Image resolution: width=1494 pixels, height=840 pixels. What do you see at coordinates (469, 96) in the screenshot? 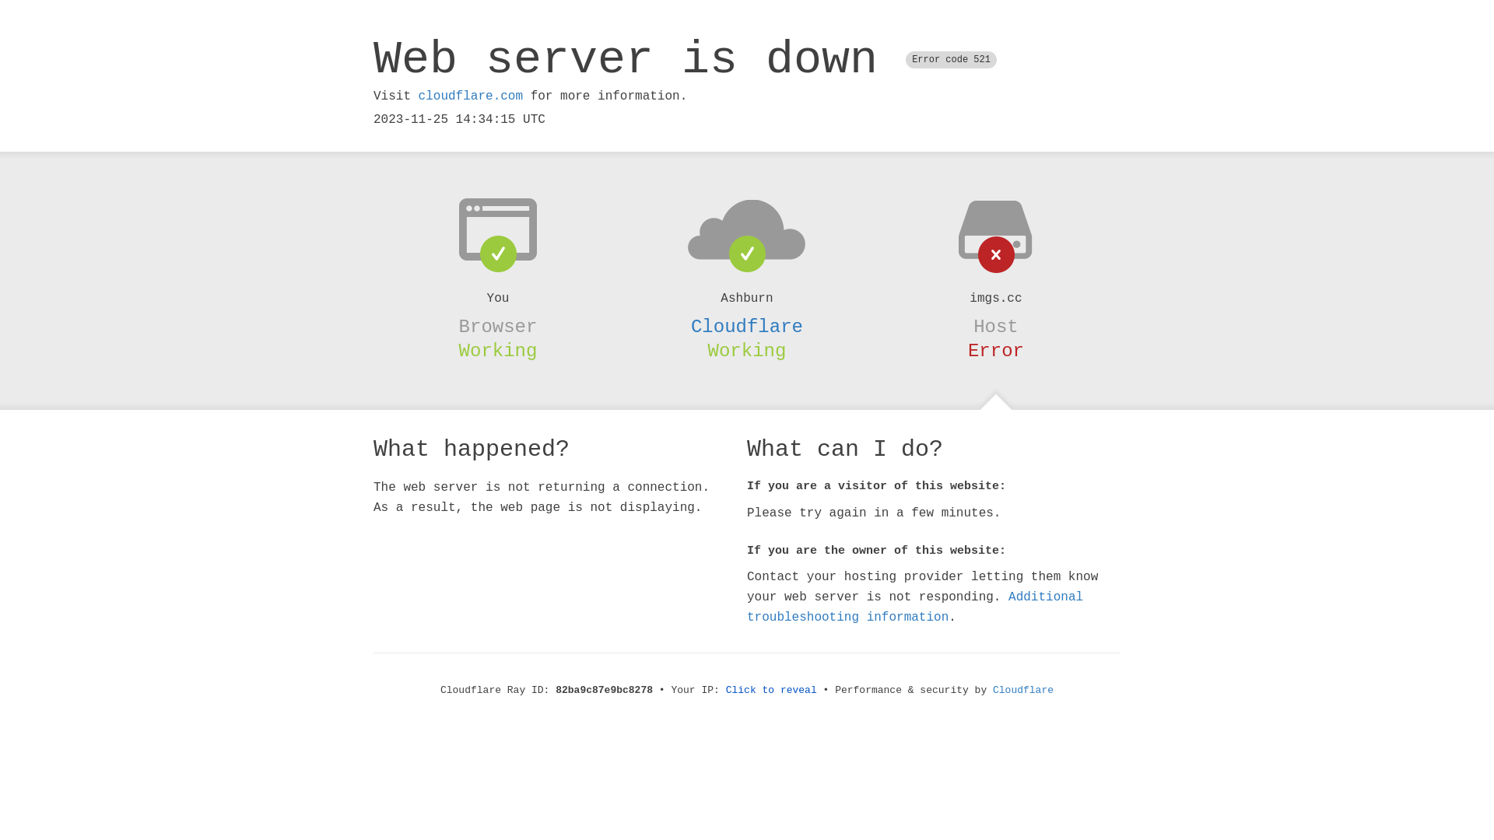
I see `'cloudflare.com'` at bounding box center [469, 96].